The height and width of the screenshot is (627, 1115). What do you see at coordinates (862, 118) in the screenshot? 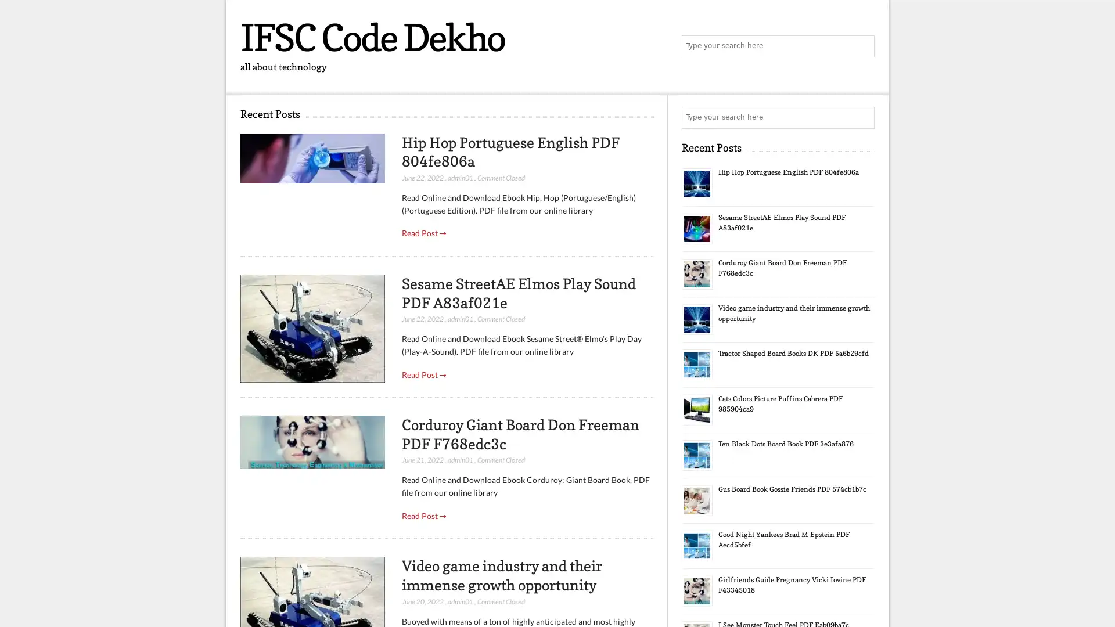
I see `Search` at bounding box center [862, 118].